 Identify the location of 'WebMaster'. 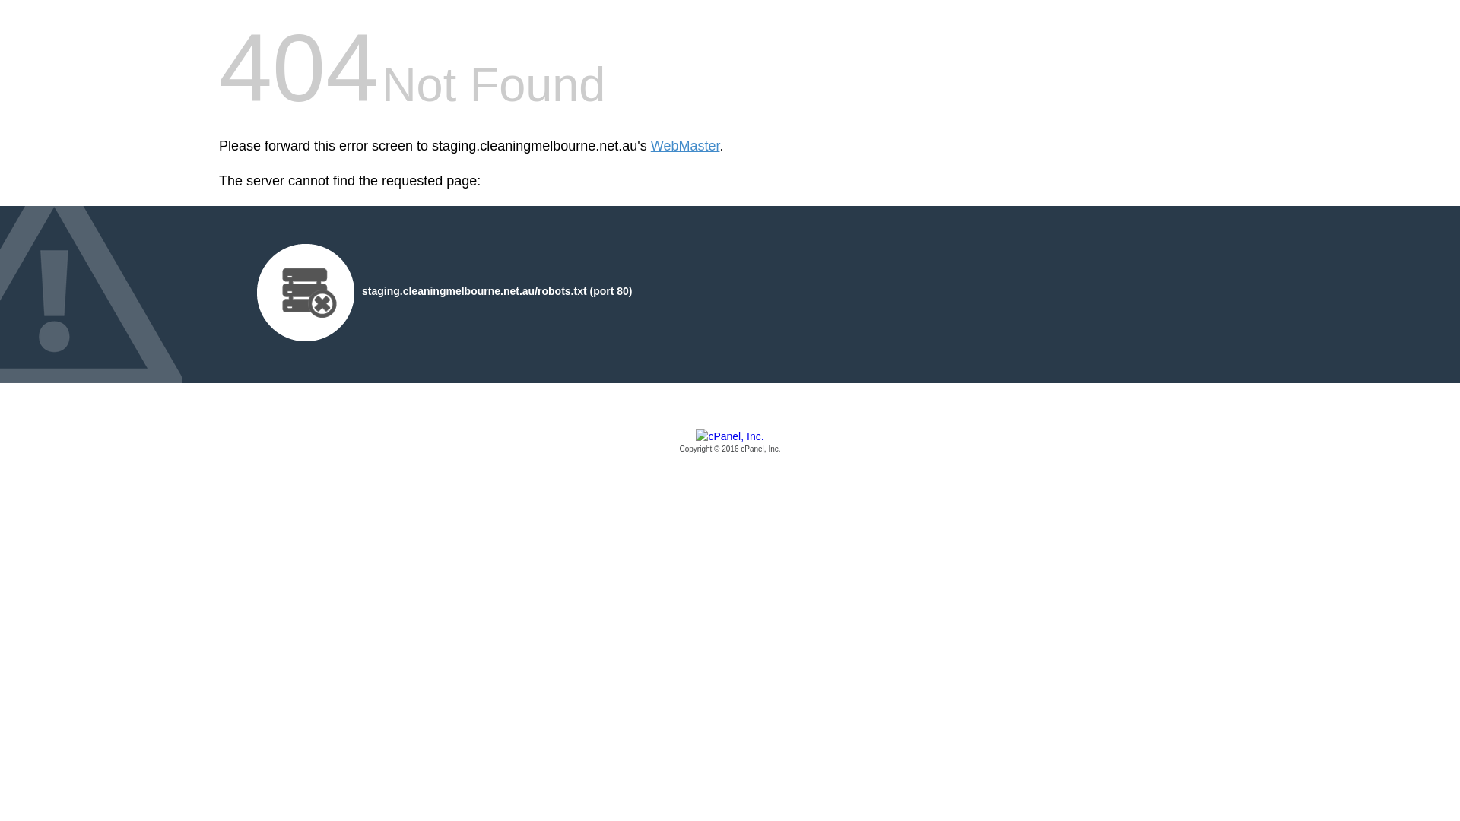
(650, 146).